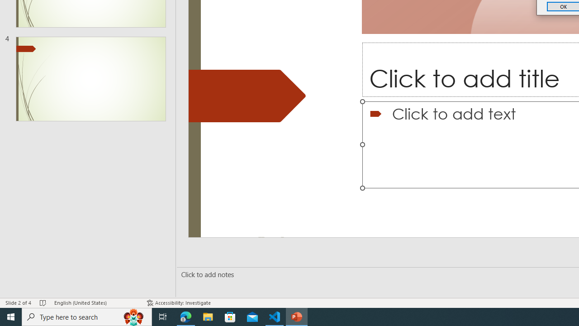 This screenshot has height=326, width=579. Describe the element at coordinates (247, 96) in the screenshot. I see `'Decorative Locked'` at that location.